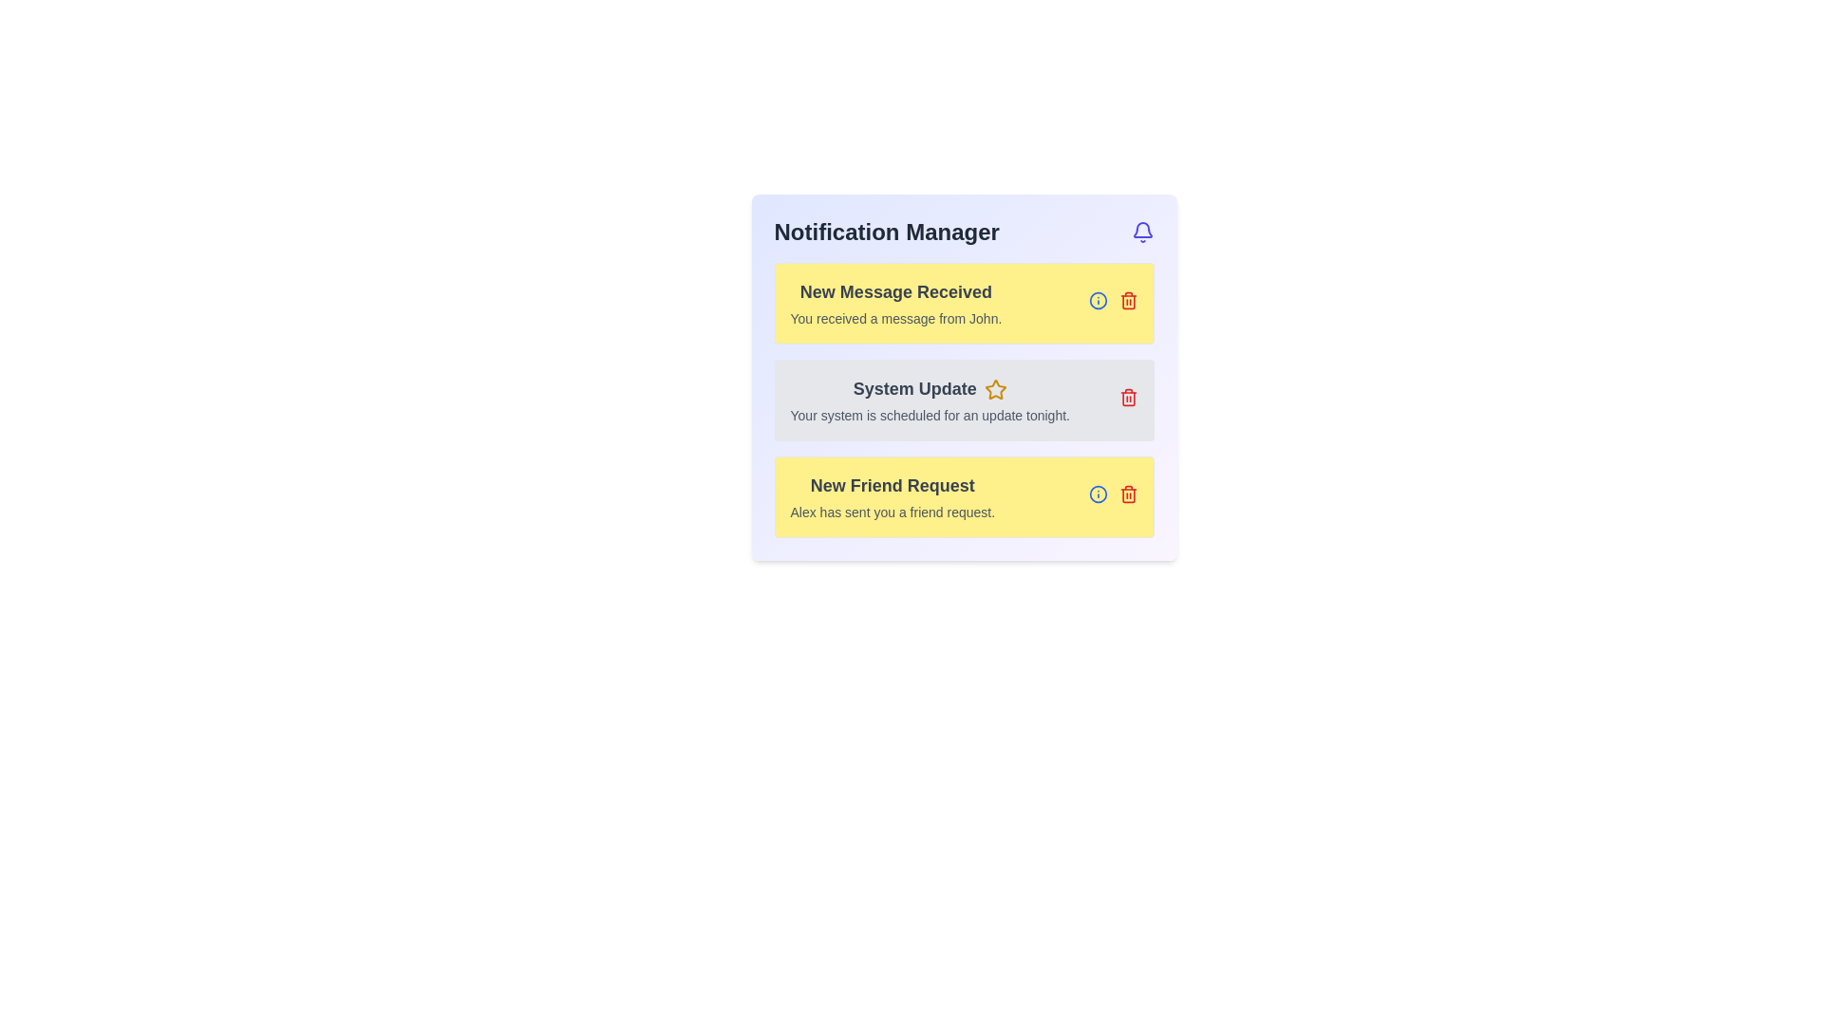  What do you see at coordinates (964, 232) in the screenshot?
I see `the 'Notification Manager' text heading, which is a bold, large font header in dark gray color at the top of the notification panel` at bounding box center [964, 232].